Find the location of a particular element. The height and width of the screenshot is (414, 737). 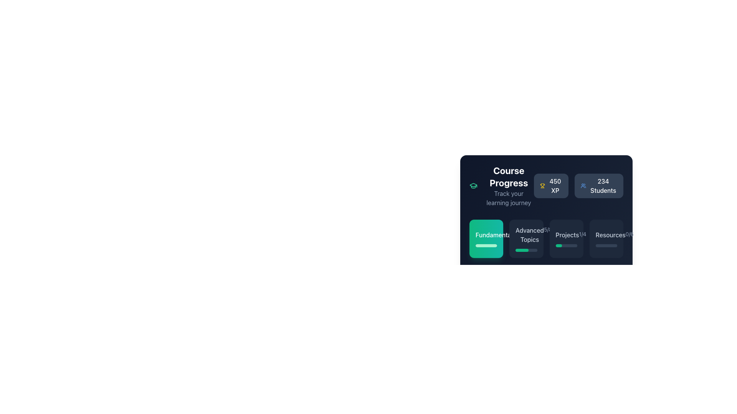

progress bar located centrally within the 'Projects' card under the 'Course Progress' header to determine the progress percentage is located at coordinates (566, 245).